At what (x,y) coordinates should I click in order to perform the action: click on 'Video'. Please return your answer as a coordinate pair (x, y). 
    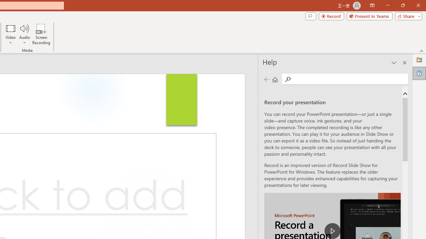
    Looking at the image, I should click on (11, 34).